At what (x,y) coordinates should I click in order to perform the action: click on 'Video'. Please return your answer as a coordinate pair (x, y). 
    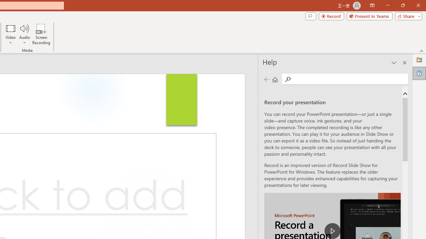
    Looking at the image, I should click on (11, 34).